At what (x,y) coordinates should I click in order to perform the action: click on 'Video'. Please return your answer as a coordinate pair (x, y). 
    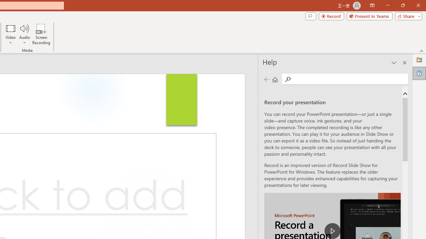
    Looking at the image, I should click on (11, 34).